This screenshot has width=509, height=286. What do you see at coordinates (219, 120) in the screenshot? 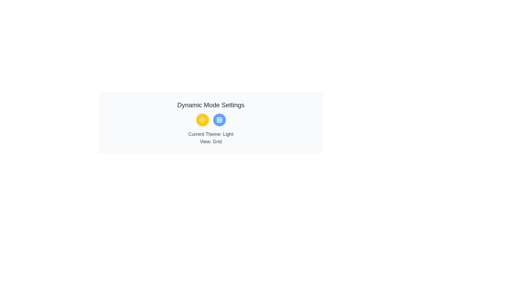
I see `the button located to the immediate right of the yellow circle icon in the modal` at bounding box center [219, 120].